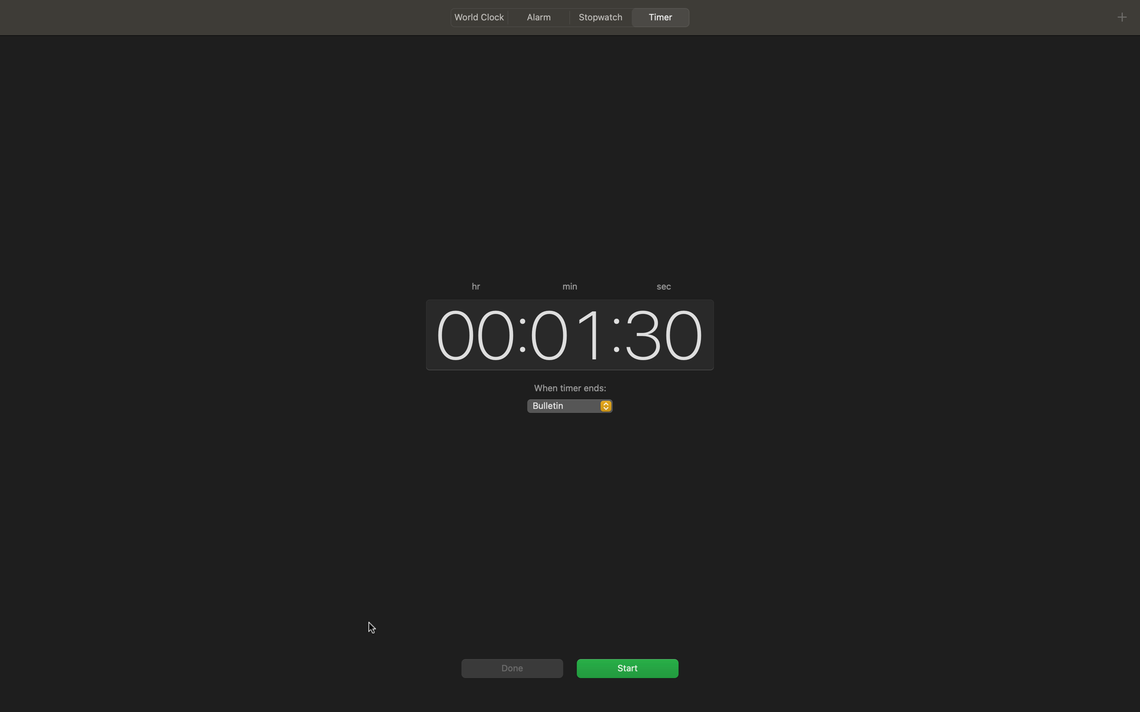 The image size is (1140, 712). What do you see at coordinates (511, 668) in the screenshot?
I see `Complete the action by clicking "done"` at bounding box center [511, 668].